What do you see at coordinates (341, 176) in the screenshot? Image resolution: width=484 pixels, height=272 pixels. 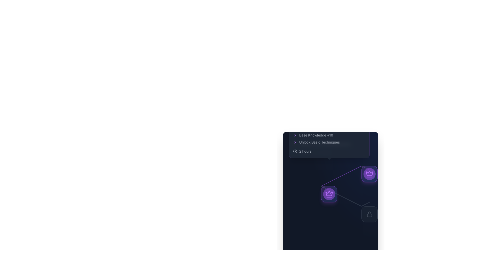 I see `the thin purple Connector line located between two purple crown icons in the lower portion of the interface` at bounding box center [341, 176].